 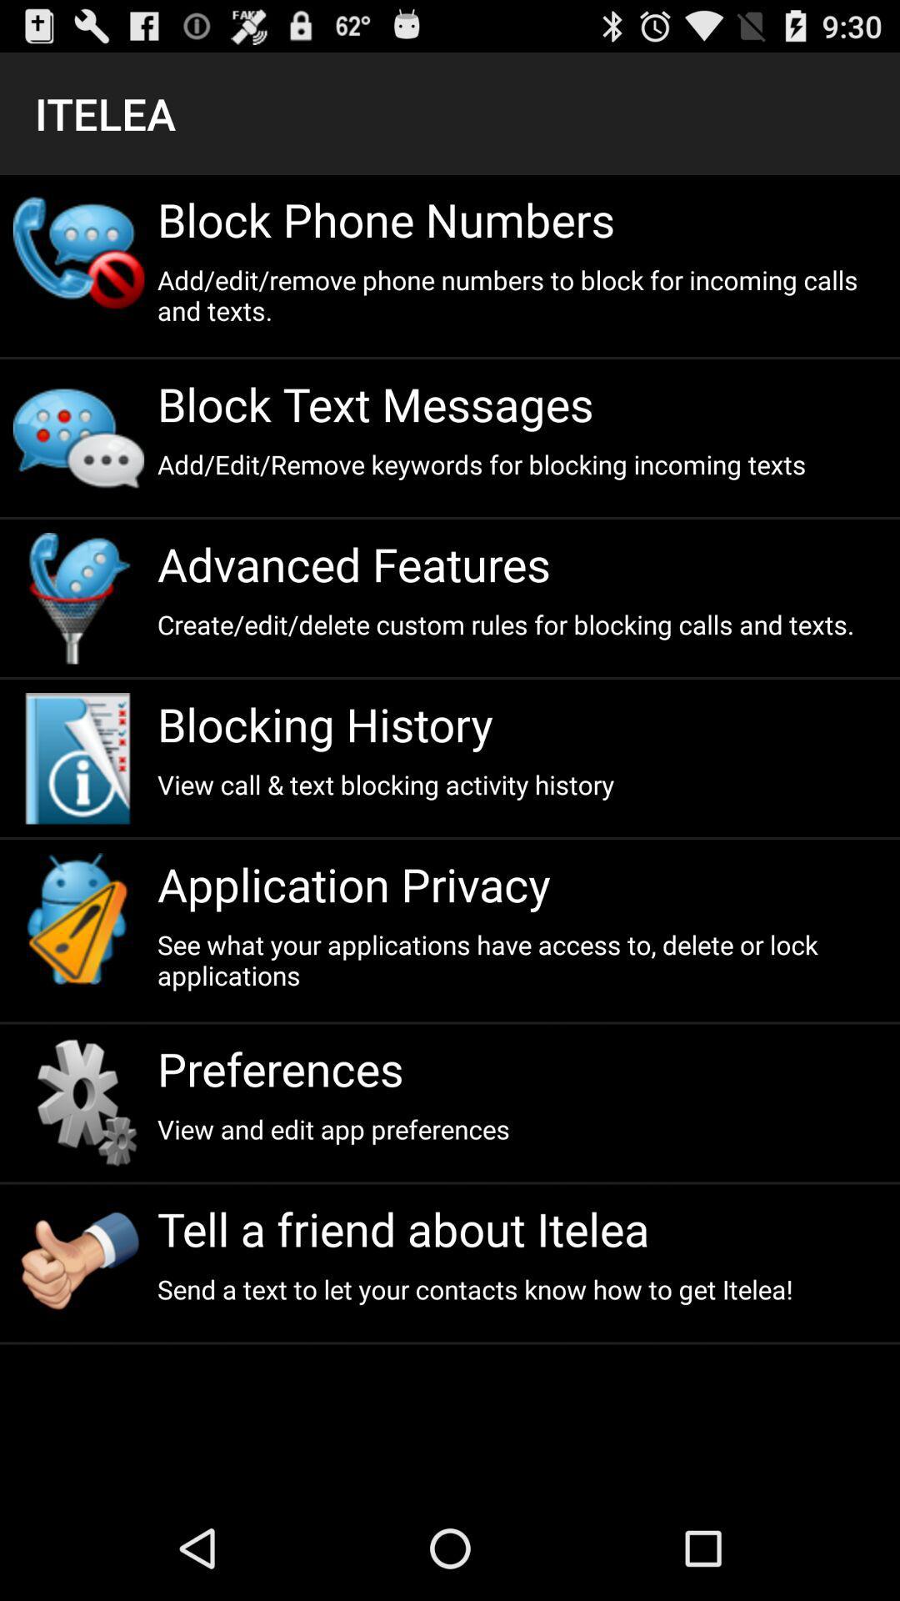 I want to click on the advanced features item, so click(x=521, y=564).